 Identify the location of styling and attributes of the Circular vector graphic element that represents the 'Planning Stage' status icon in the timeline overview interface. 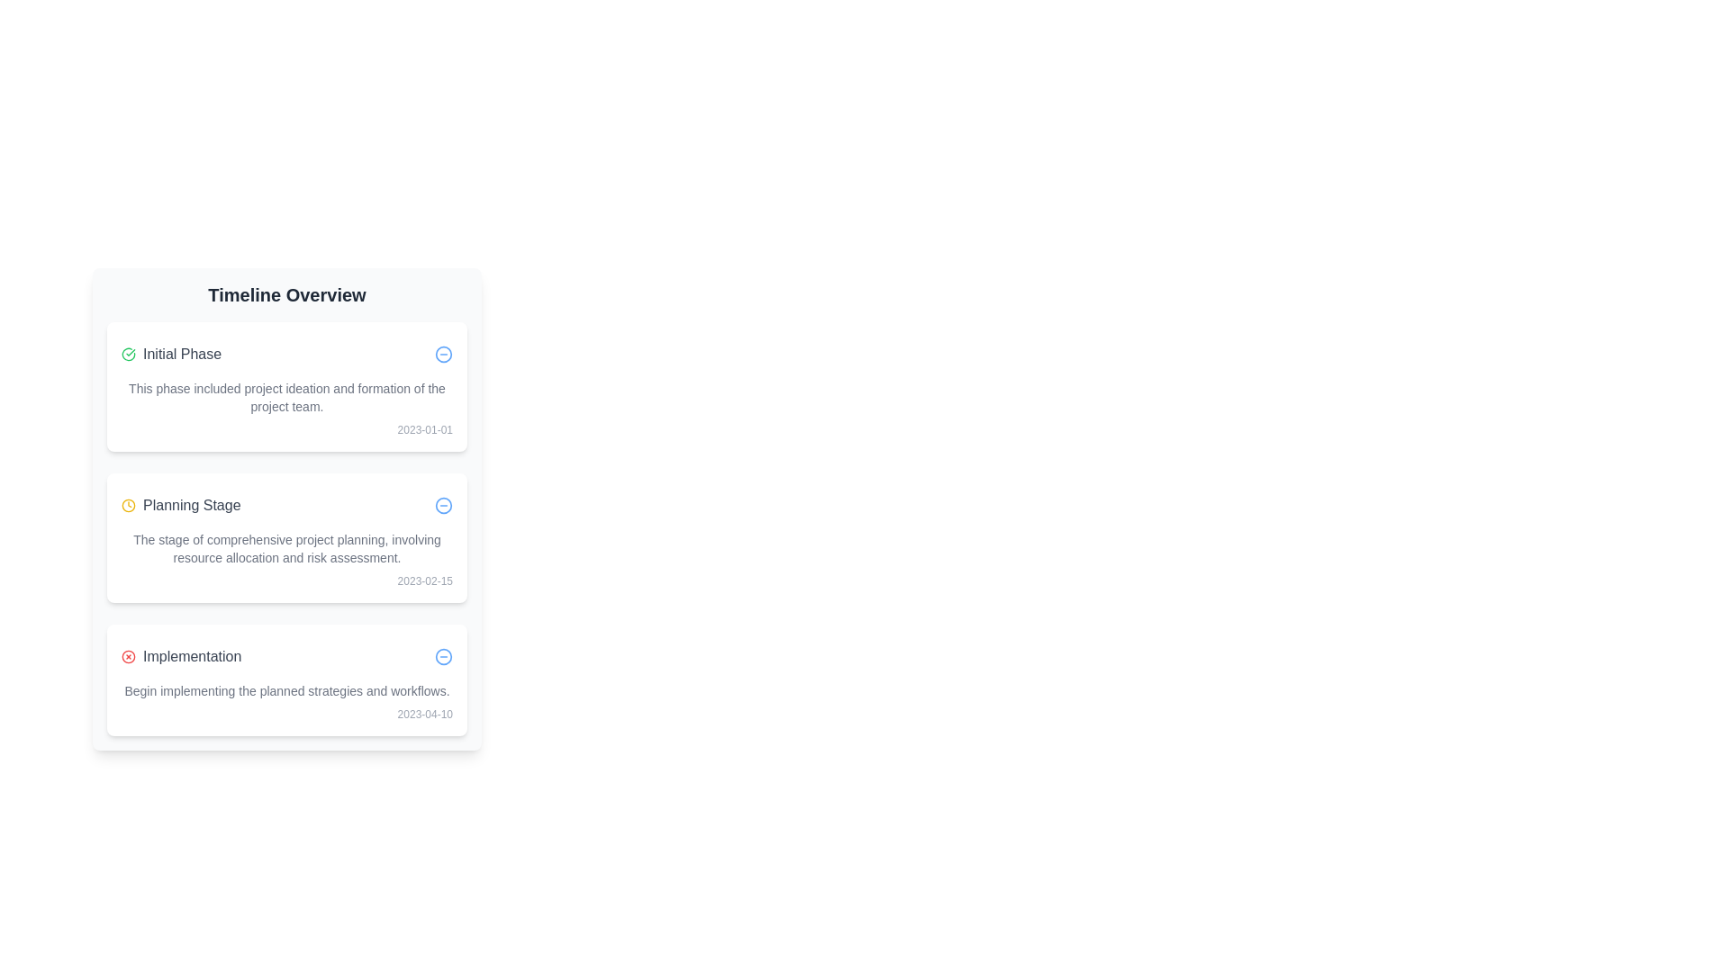
(444, 506).